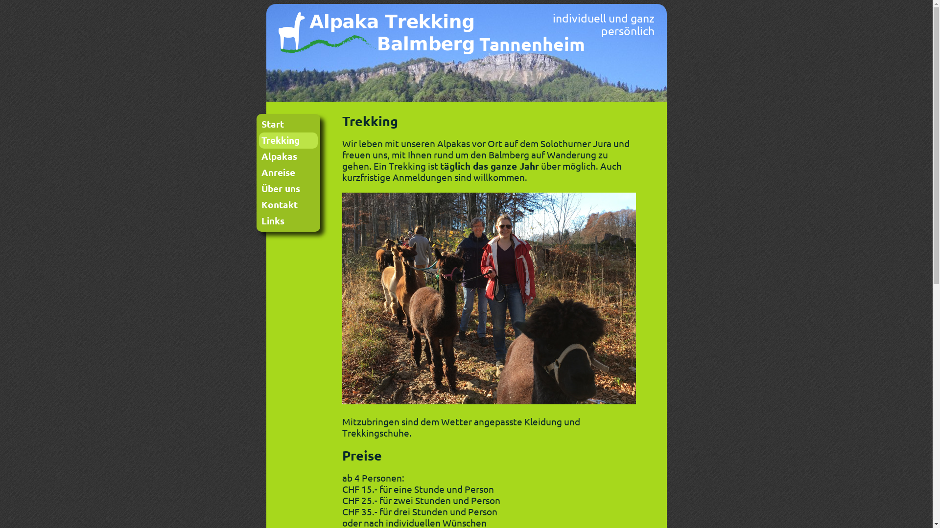  Describe the element at coordinates (287, 124) in the screenshot. I see `'Start'` at that location.